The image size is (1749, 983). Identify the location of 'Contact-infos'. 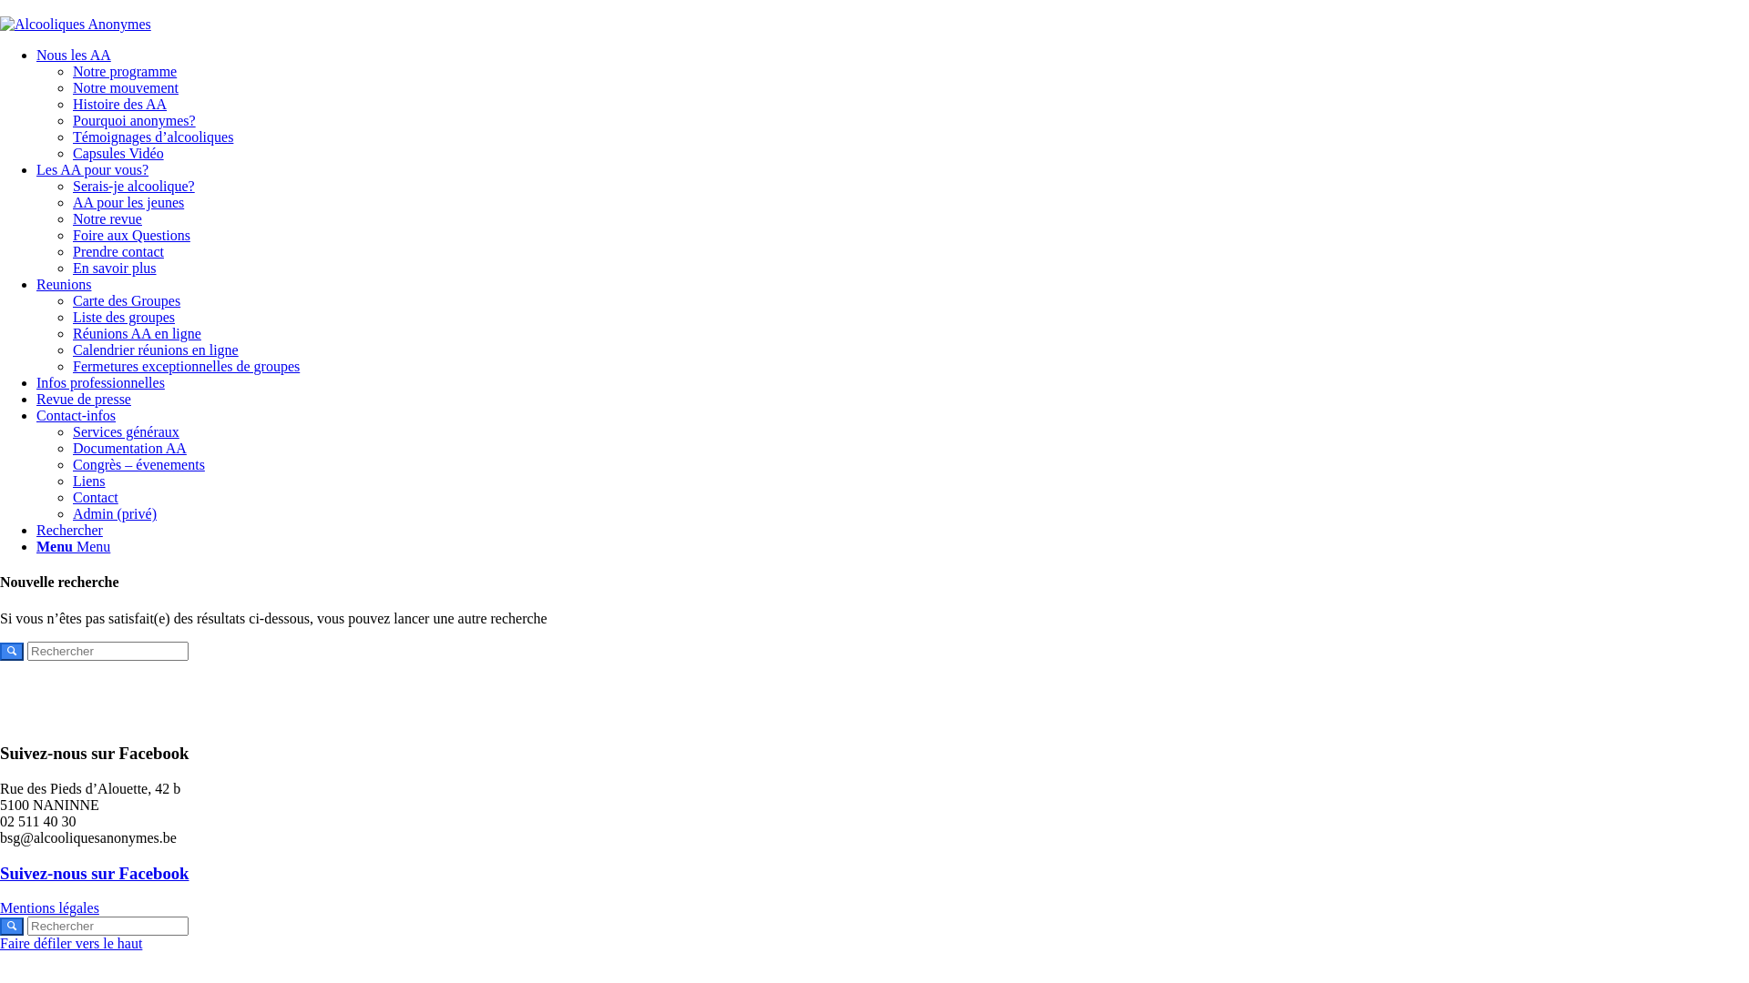
(75, 415).